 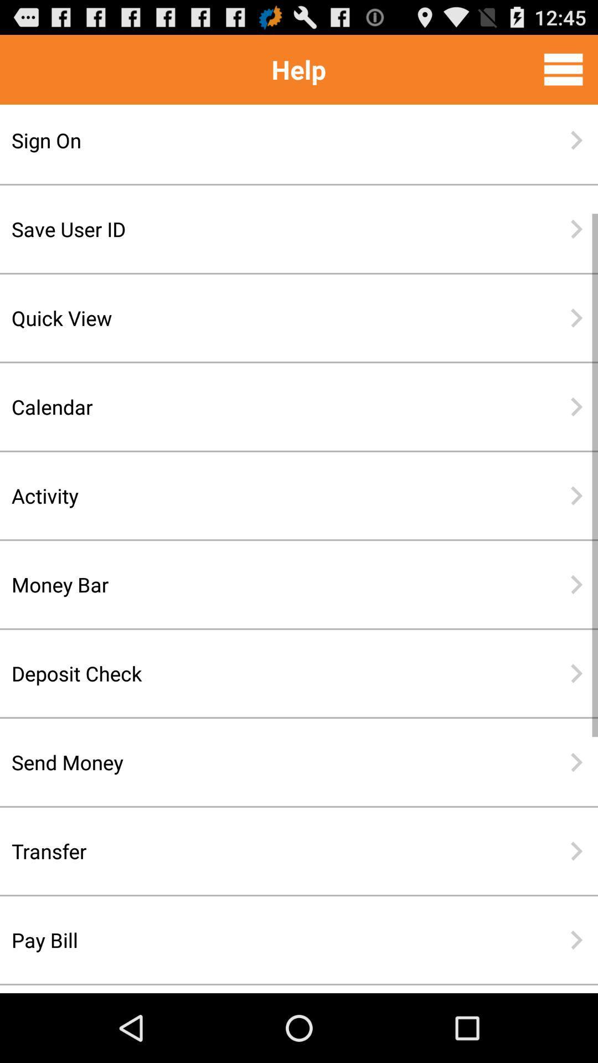 What do you see at coordinates (263, 940) in the screenshot?
I see `the pay bill icon` at bounding box center [263, 940].